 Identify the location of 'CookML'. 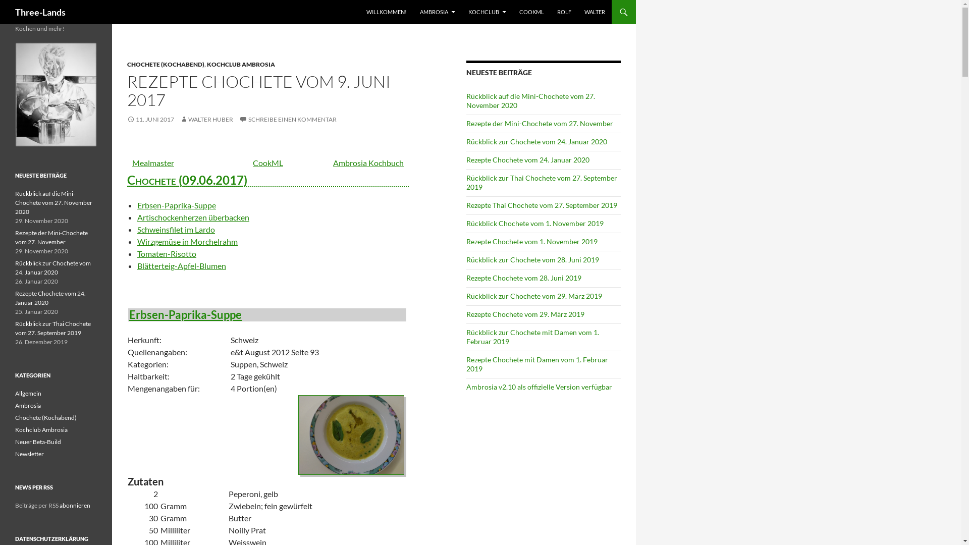
(252, 162).